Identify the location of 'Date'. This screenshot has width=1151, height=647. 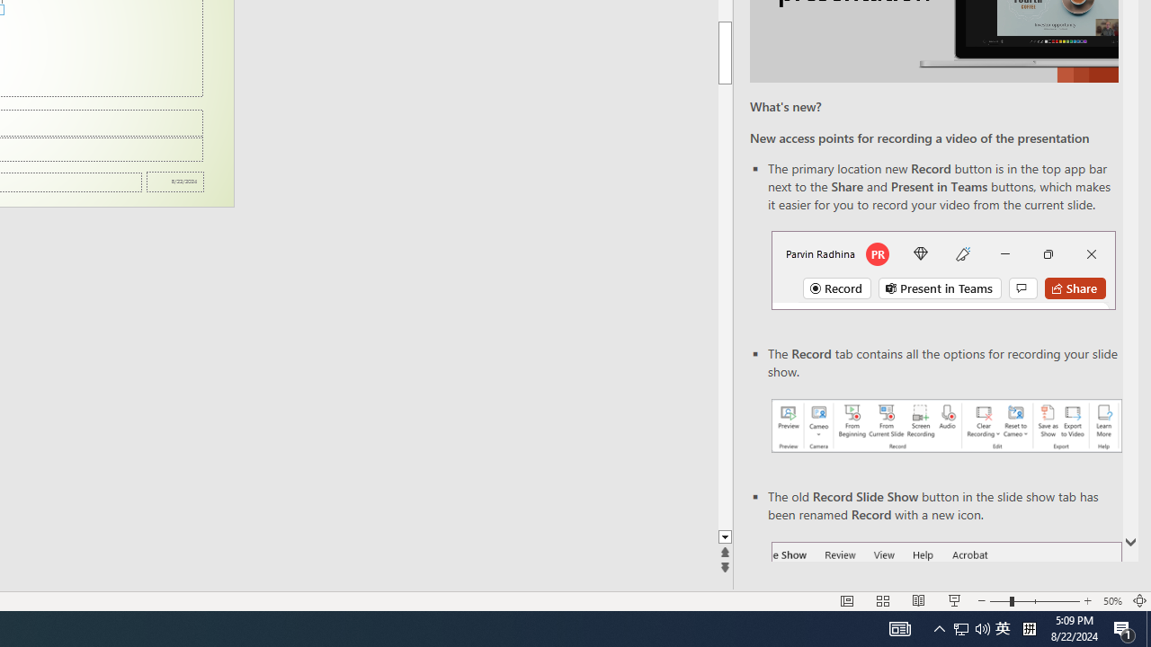
(174, 182).